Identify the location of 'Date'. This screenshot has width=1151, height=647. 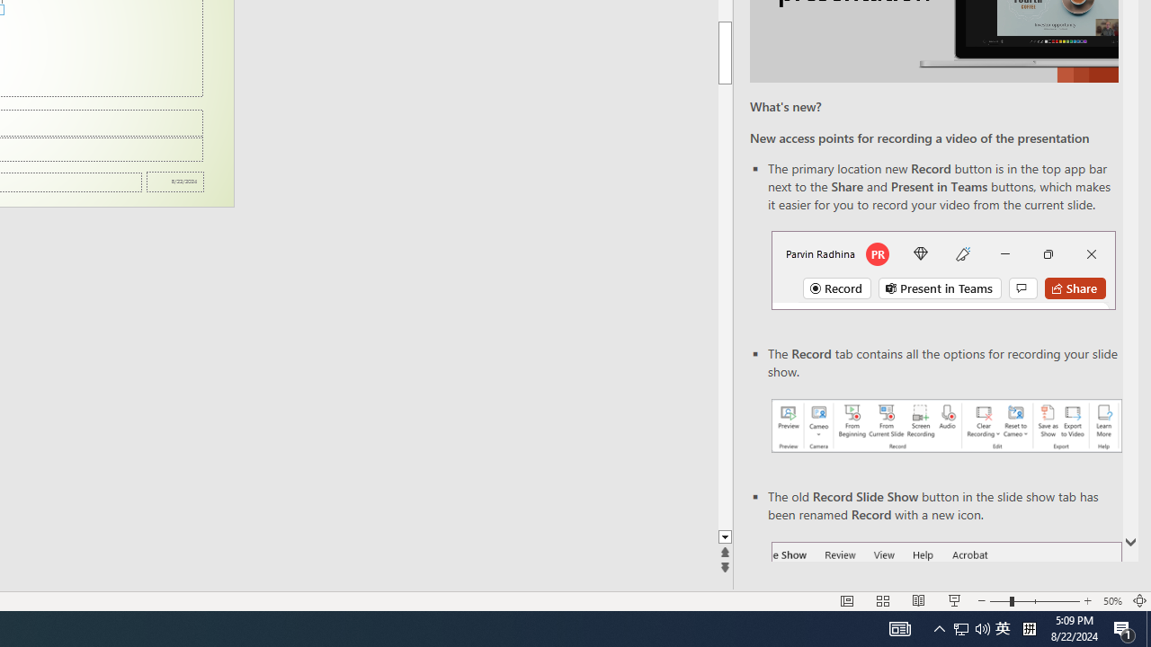
(174, 182).